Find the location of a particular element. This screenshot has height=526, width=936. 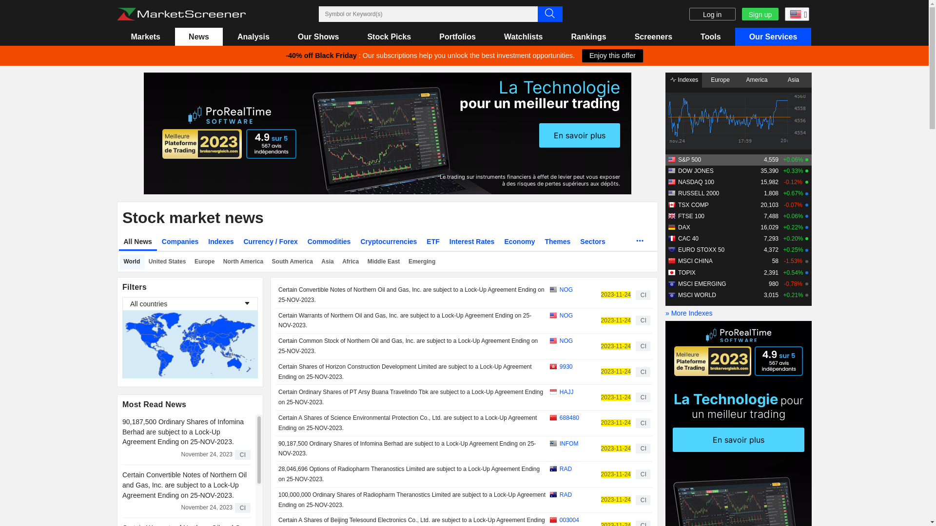

'EURO STOXX 50' is located at coordinates (701, 249).